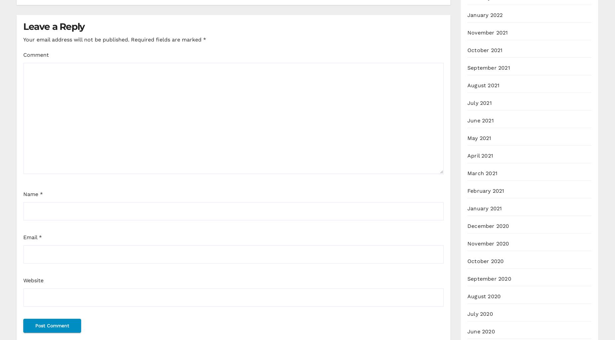 The width and height of the screenshot is (615, 340). I want to click on 'Website', so click(23, 280).